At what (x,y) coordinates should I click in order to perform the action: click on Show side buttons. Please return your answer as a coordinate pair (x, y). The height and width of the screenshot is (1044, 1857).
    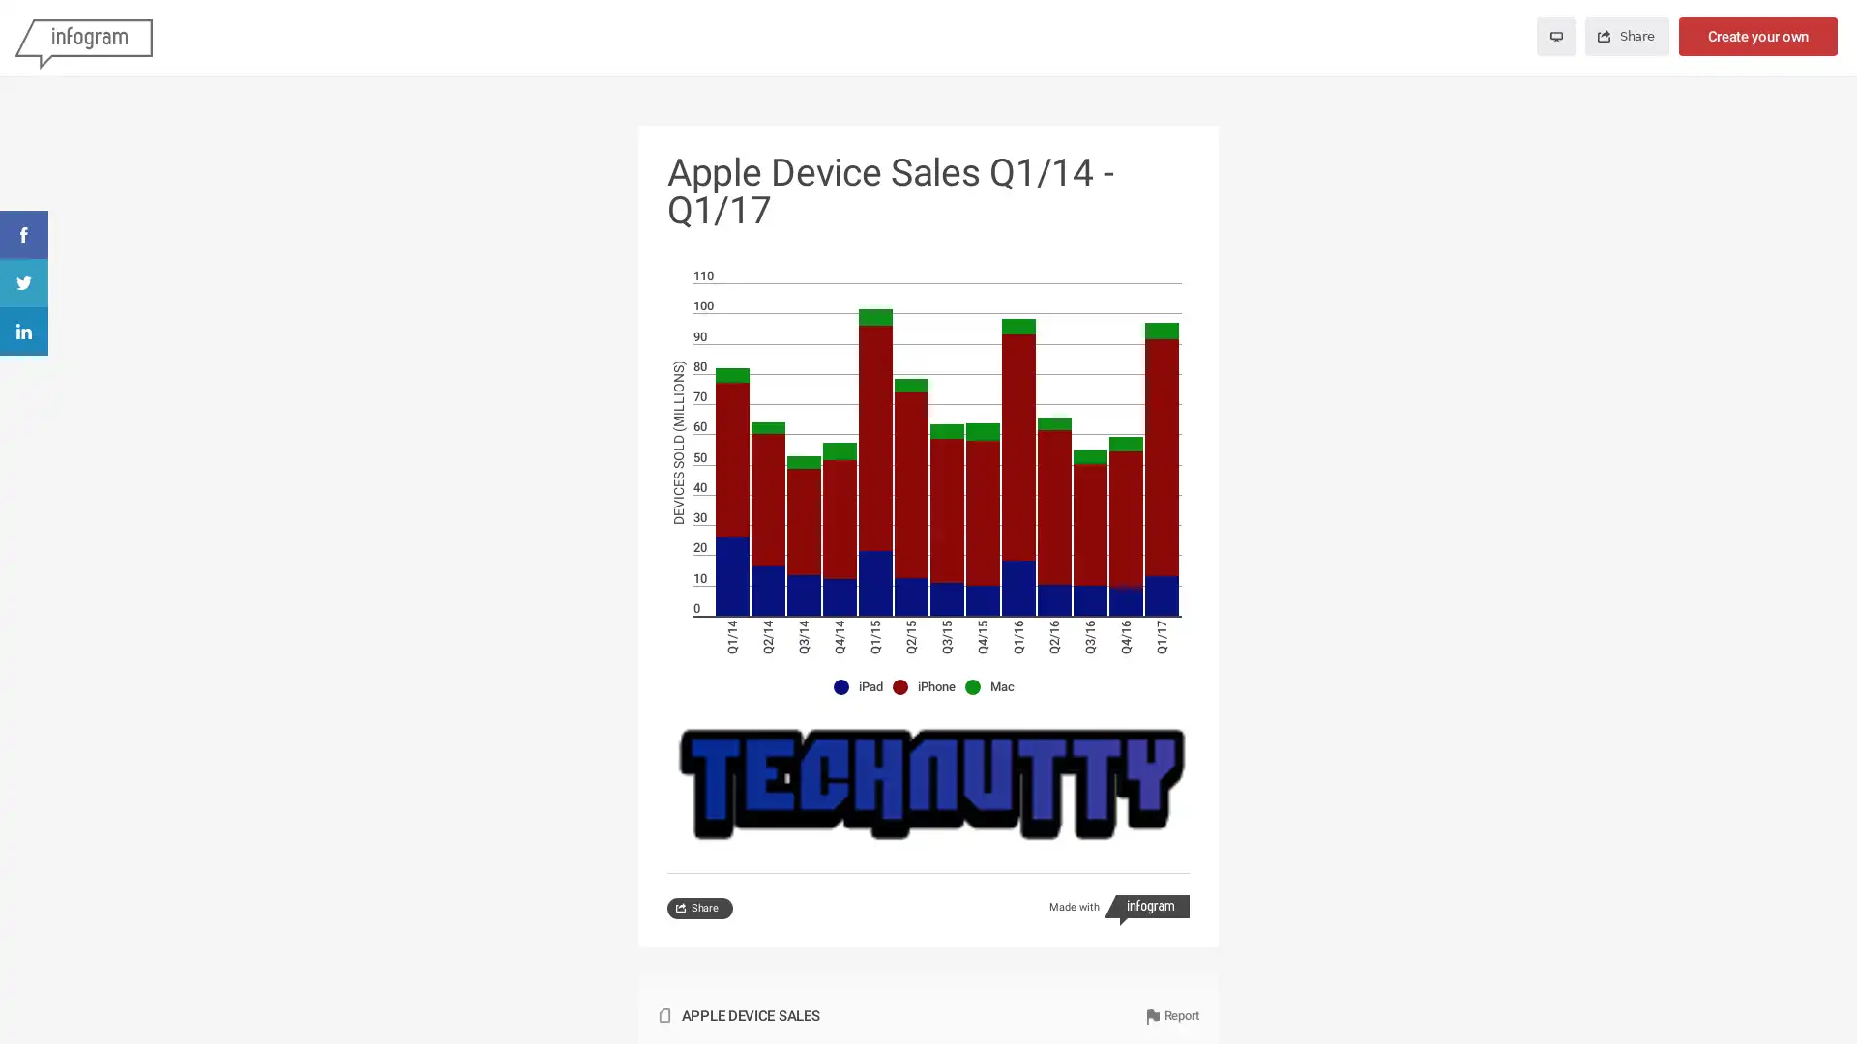
    Looking at the image, I should click on (1188, 153).